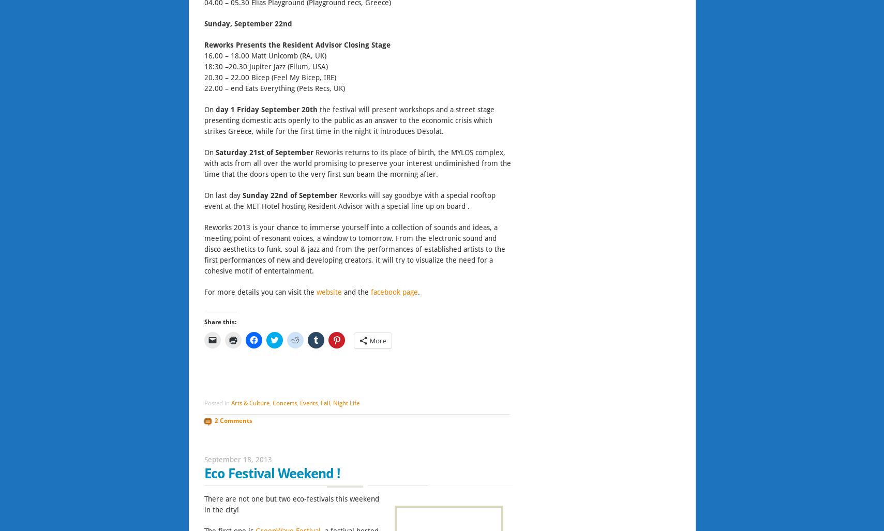 The image size is (884, 531). Describe the element at coordinates (203, 291) in the screenshot. I see `'For more details you can visit the'` at that location.